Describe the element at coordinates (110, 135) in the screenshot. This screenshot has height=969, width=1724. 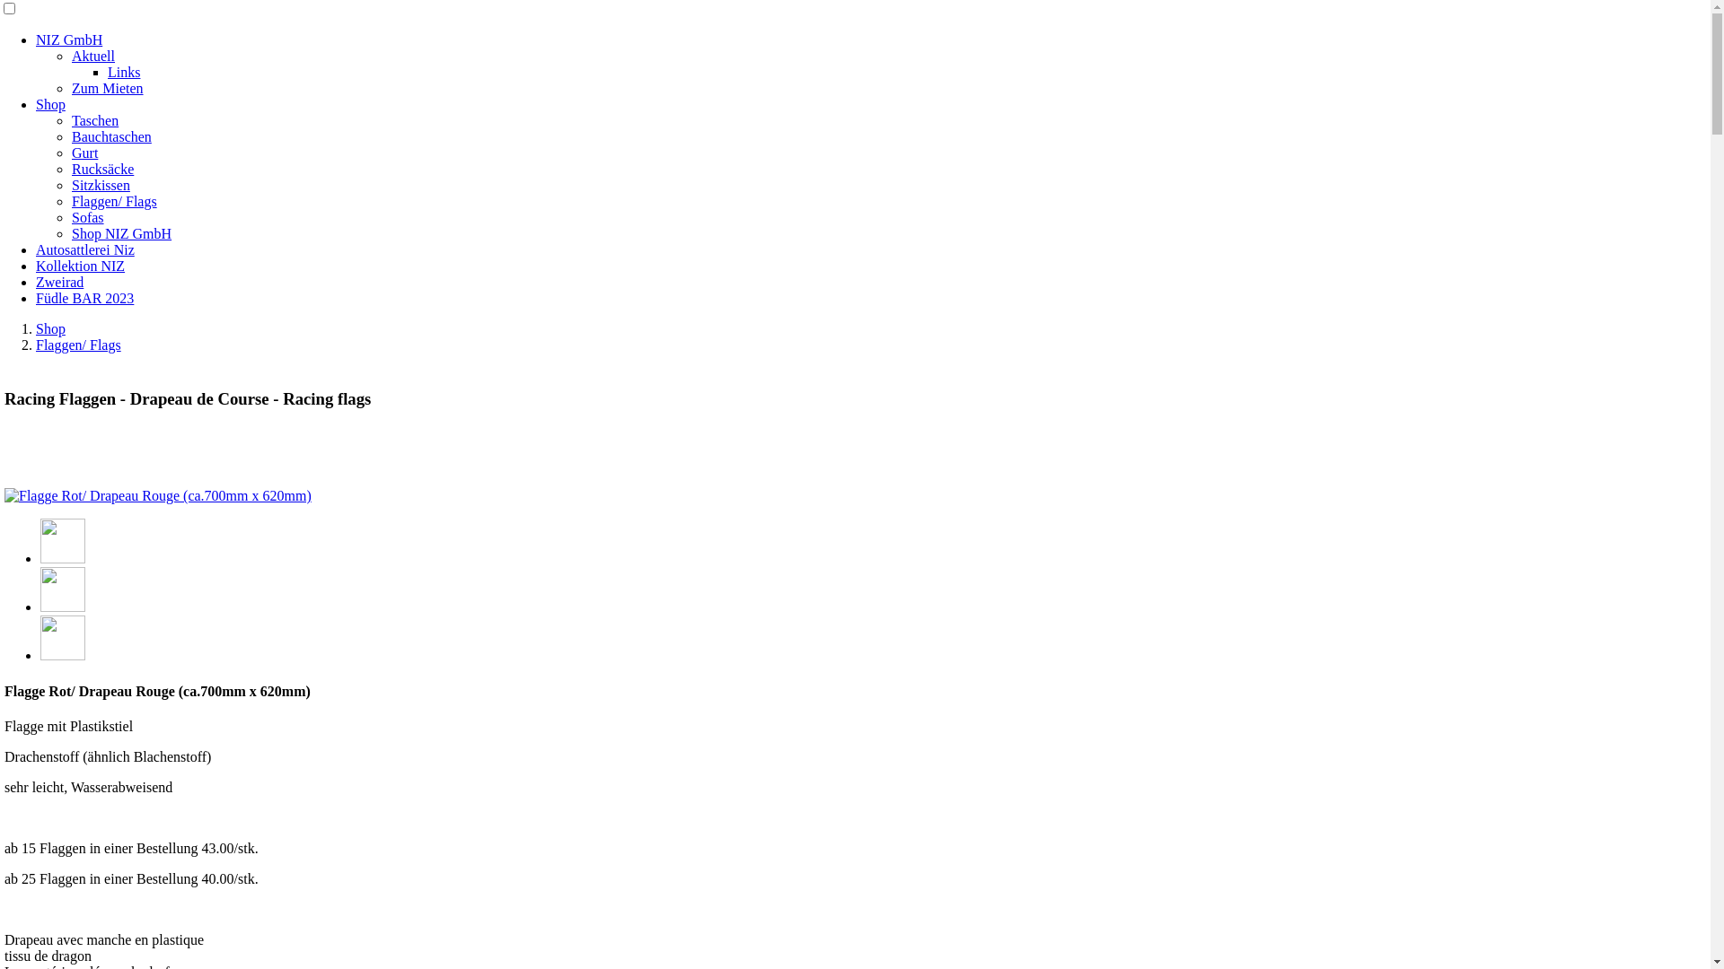
I see `'Bauchtaschen'` at that location.